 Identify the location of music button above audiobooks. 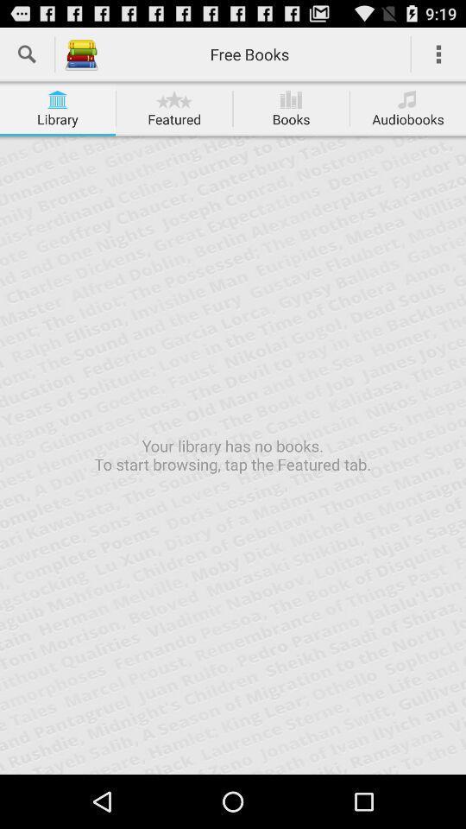
(407, 99).